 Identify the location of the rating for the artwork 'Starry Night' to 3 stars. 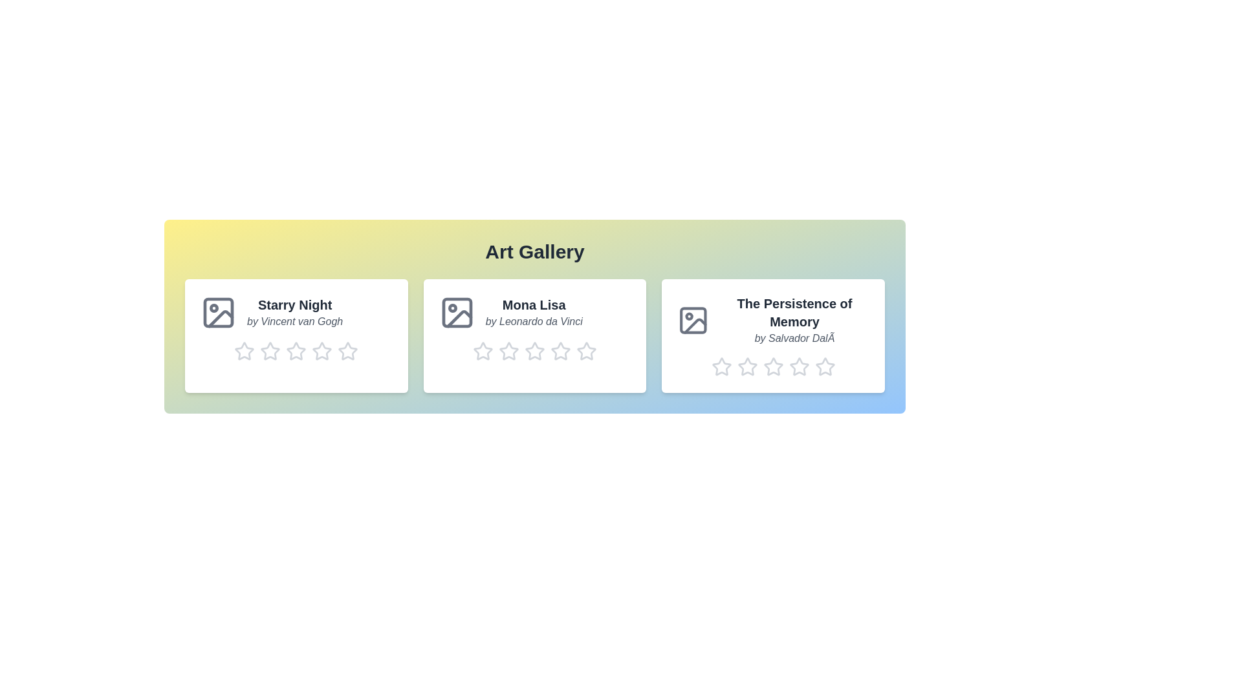
(295, 351).